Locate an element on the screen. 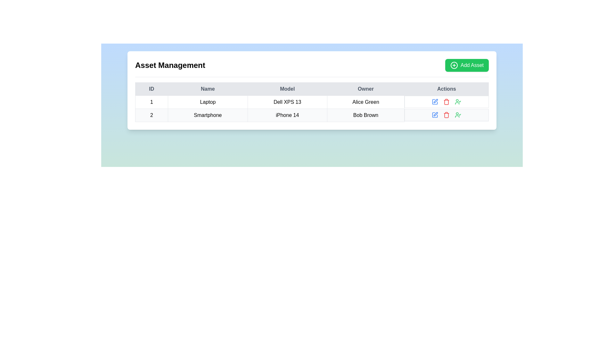 The height and width of the screenshot is (346, 615). the individual cells of the first row in the Asset Management table, which contains the values '1', 'Laptop', 'Dell XPS 13', and 'Alice Green' is located at coordinates (312, 102).